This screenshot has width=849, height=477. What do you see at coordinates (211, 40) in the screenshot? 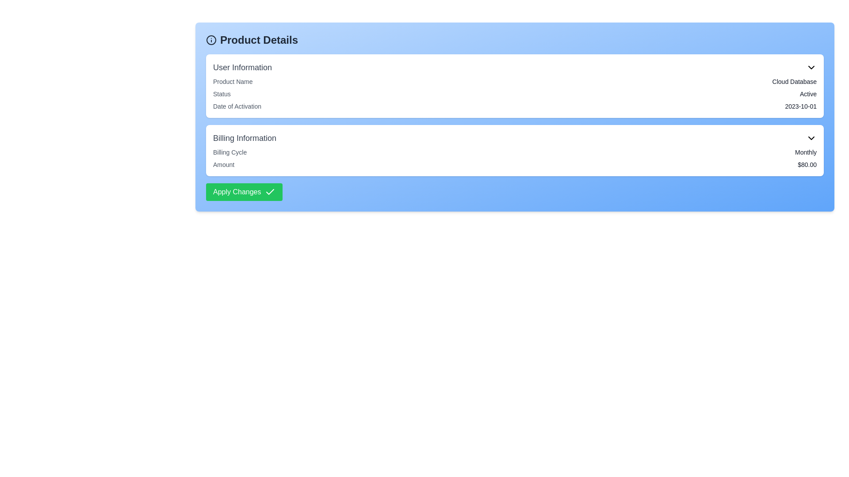
I see `the information icon represented as a circular badge with an 'info' symbol inside, located to the left of the 'Product Details' heading` at bounding box center [211, 40].